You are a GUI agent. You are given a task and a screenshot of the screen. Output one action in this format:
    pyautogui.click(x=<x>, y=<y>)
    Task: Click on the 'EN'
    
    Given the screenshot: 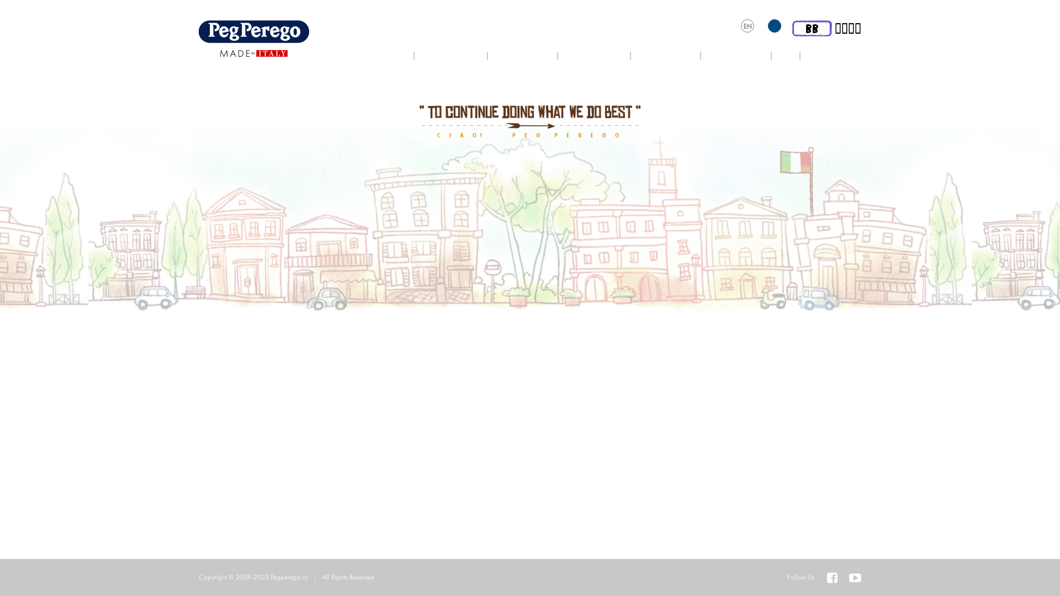 What is the action you would take?
    pyautogui.click(x=747, y=25)
    